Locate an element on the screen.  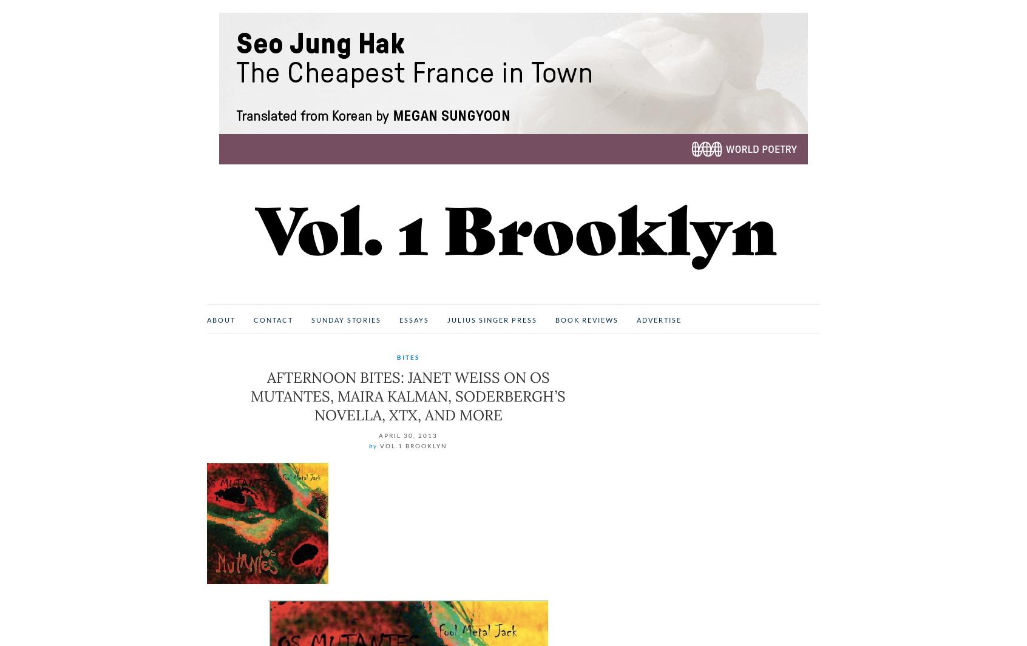
'Julius Singer Press' is located at coordinates (492, 319).